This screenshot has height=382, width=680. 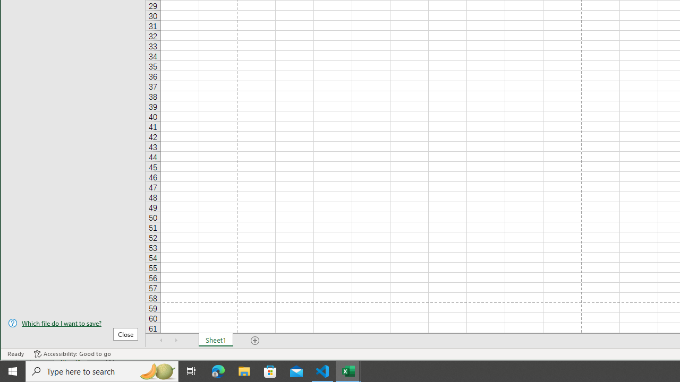 I want to click on 'Which file do I want to save?', so click(x=72, y=323).